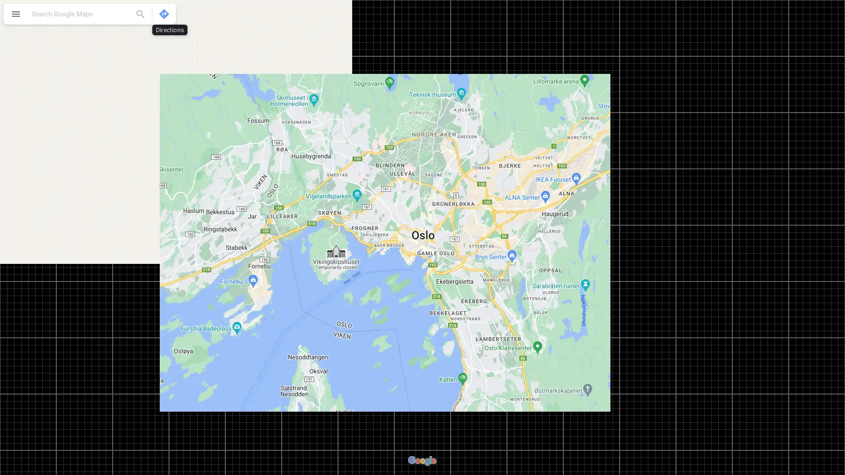 The width and height of the screenshot is (845, 475). Describe the element at coordinates (140, 14) in the screenshot. I see `Search` at that location.